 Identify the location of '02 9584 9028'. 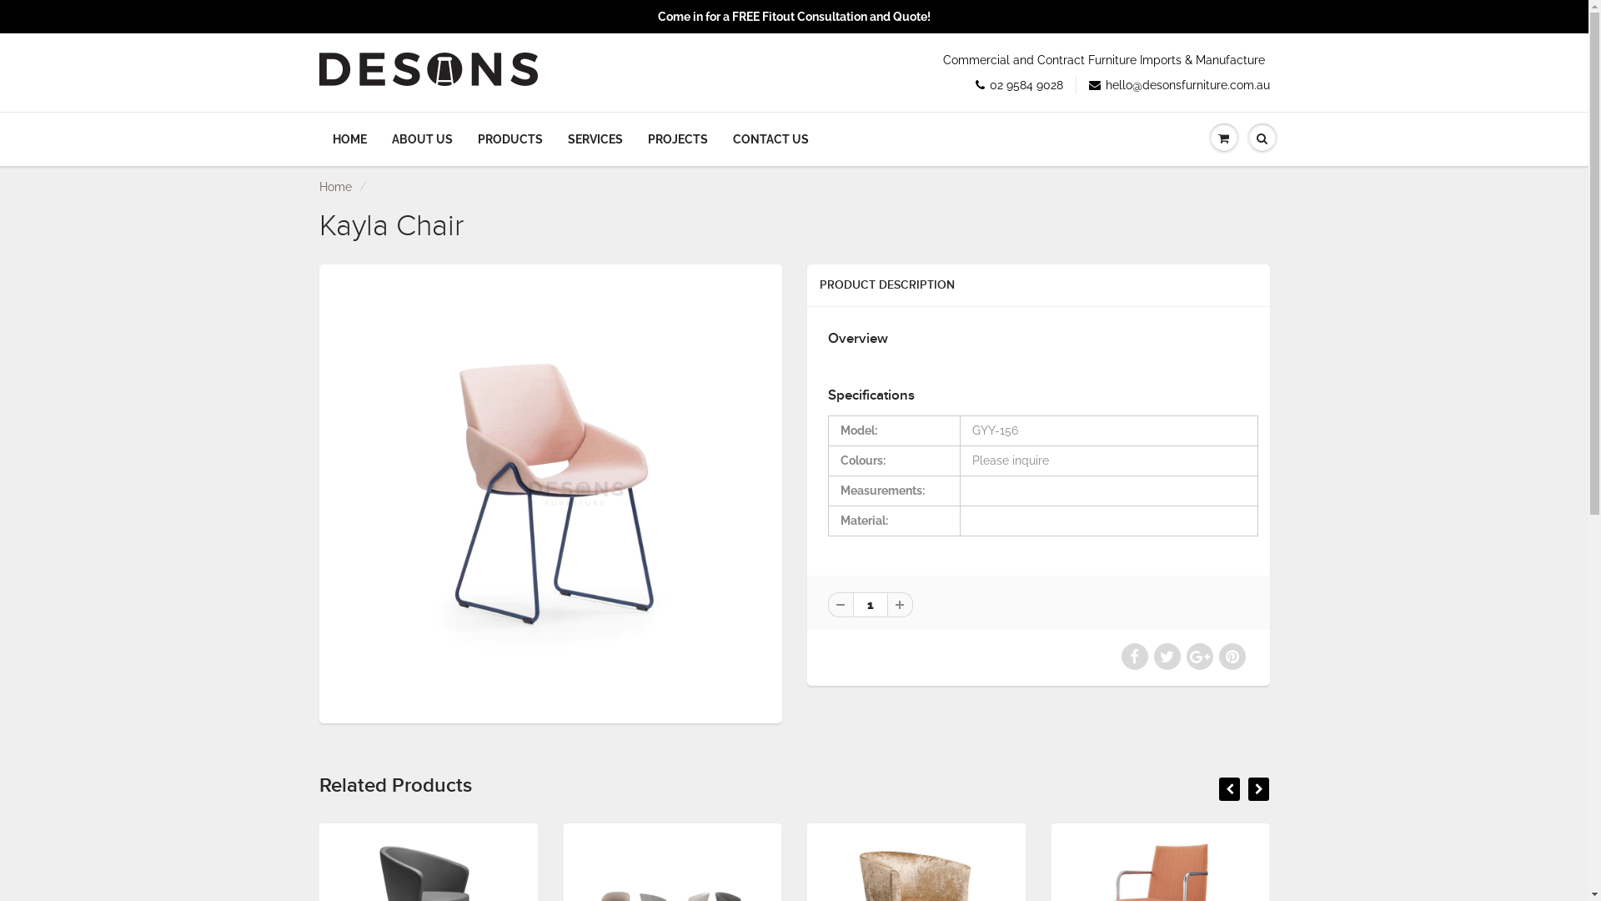
(1018, 84).